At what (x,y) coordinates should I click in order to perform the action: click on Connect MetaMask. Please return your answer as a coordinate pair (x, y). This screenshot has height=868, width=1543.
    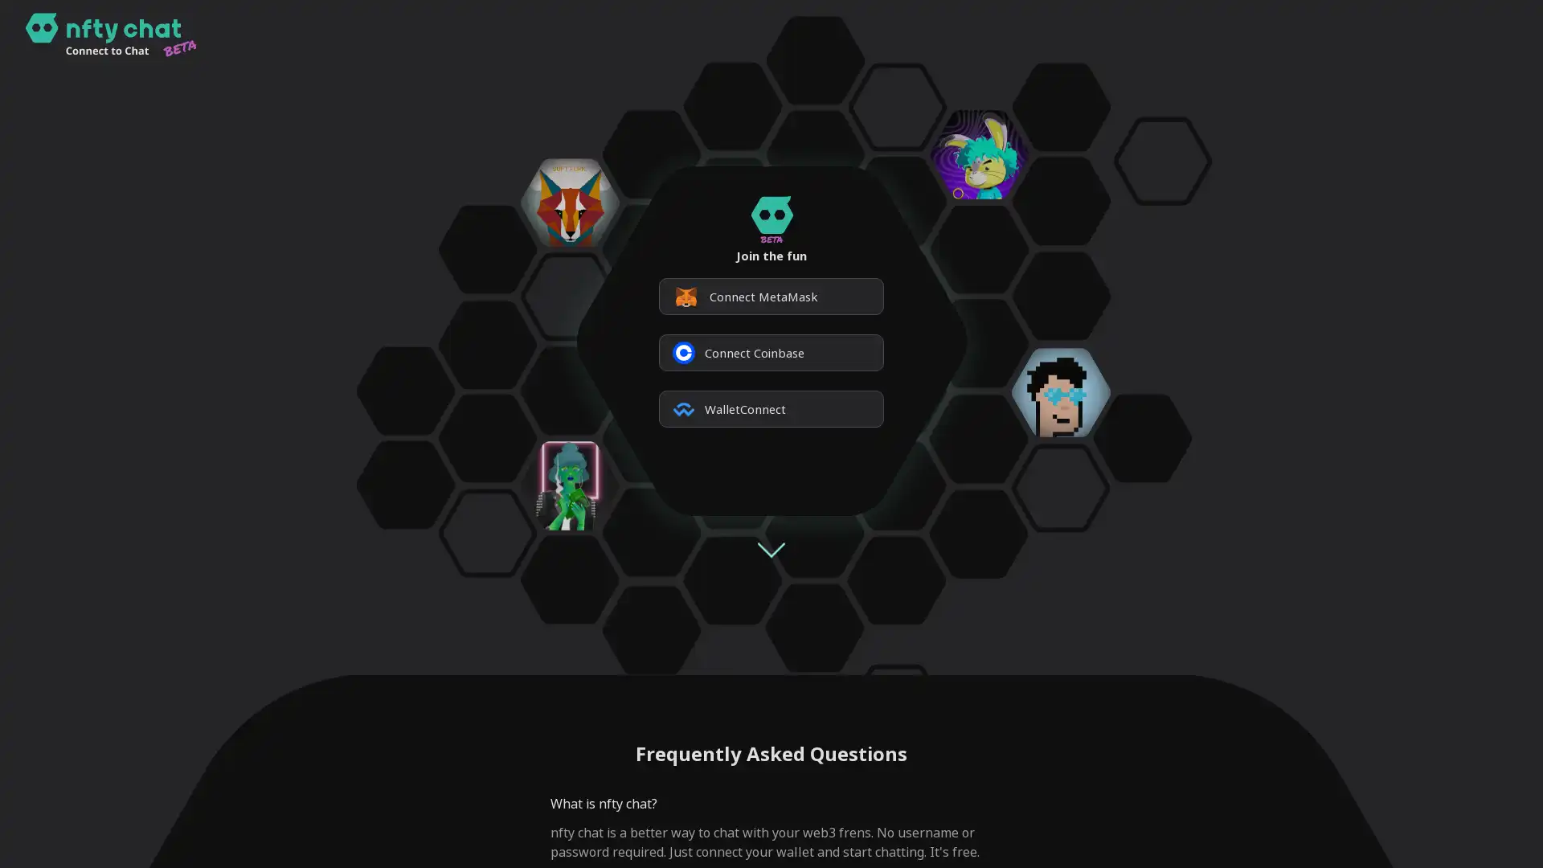
    Looking at the image, I should click on (771, 297).